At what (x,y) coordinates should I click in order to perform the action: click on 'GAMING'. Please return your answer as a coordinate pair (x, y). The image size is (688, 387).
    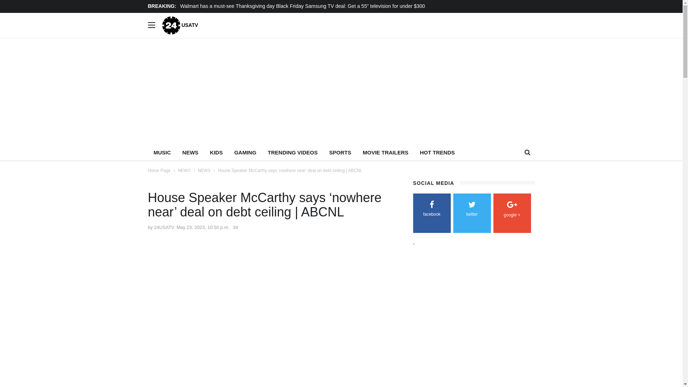
    Looking at the image, I should click on (245, 152).